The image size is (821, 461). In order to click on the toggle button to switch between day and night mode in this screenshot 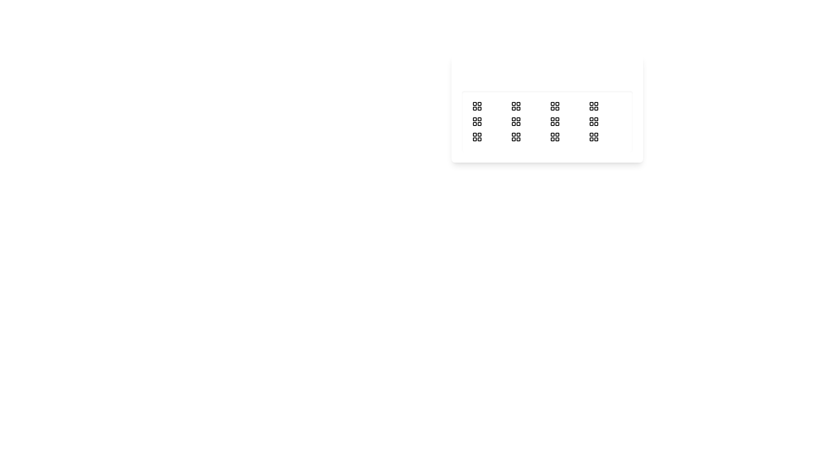, I will do `click(488, 73)`.